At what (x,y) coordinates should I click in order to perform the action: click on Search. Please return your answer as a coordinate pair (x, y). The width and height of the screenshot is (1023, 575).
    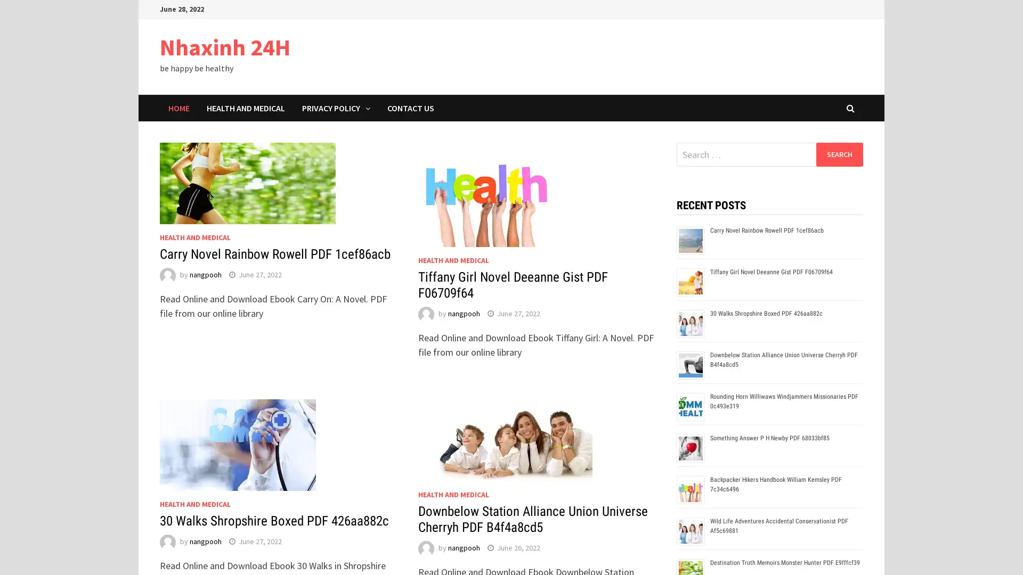
    Looking at the image, I should click on (839, 154).